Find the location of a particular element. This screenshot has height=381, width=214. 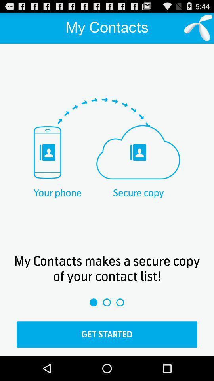

get started item is located at coordinates (107, 334).